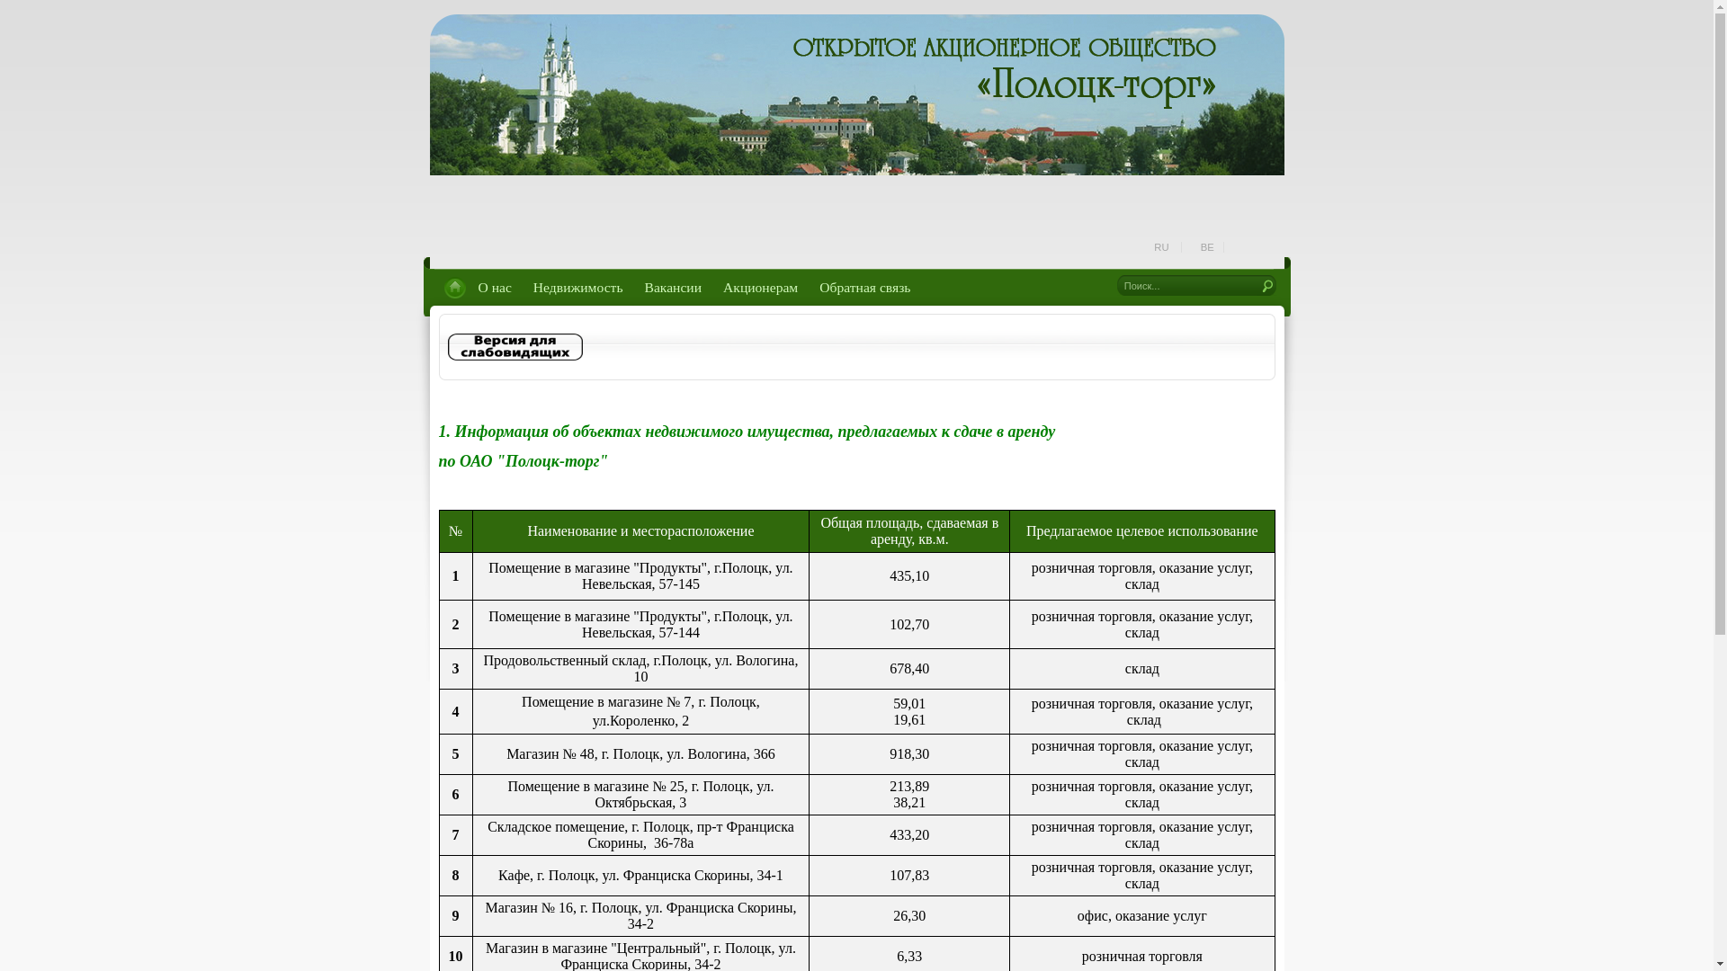 This screenshot has width=1727, height=971. I want to click on 'RU', so click(1162, 246).